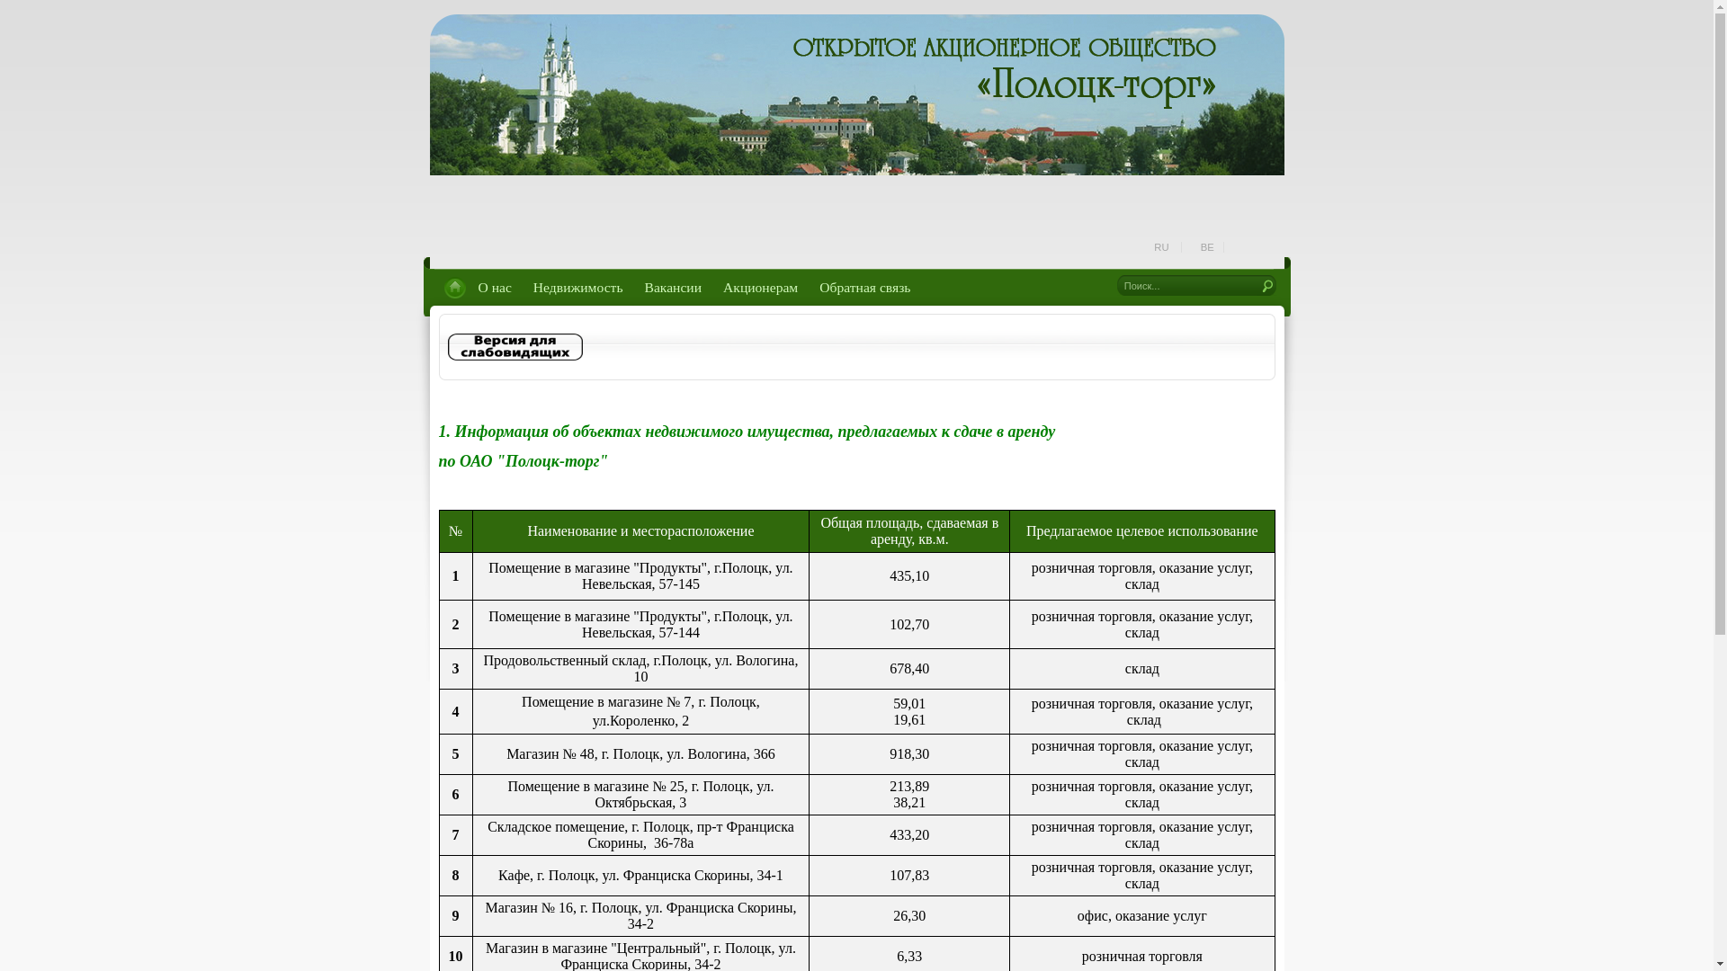 This screenshot has width=1727, height=971. I want to click on 'RU', so click(1162, 246).